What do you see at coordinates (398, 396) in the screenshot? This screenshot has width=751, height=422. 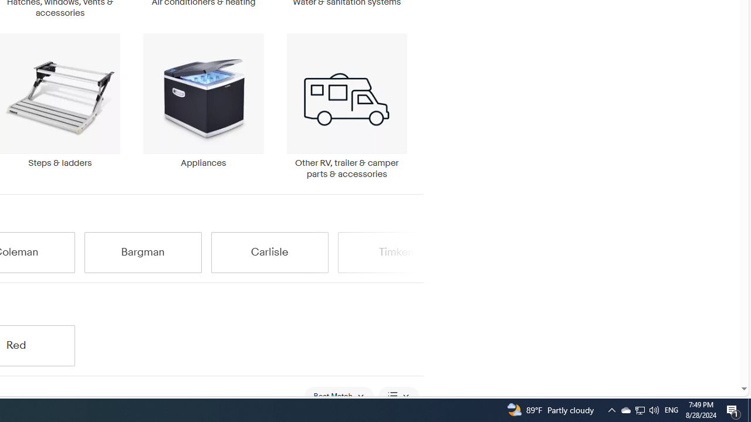 I see `'View: List View'` at bounding box center [398, 396].